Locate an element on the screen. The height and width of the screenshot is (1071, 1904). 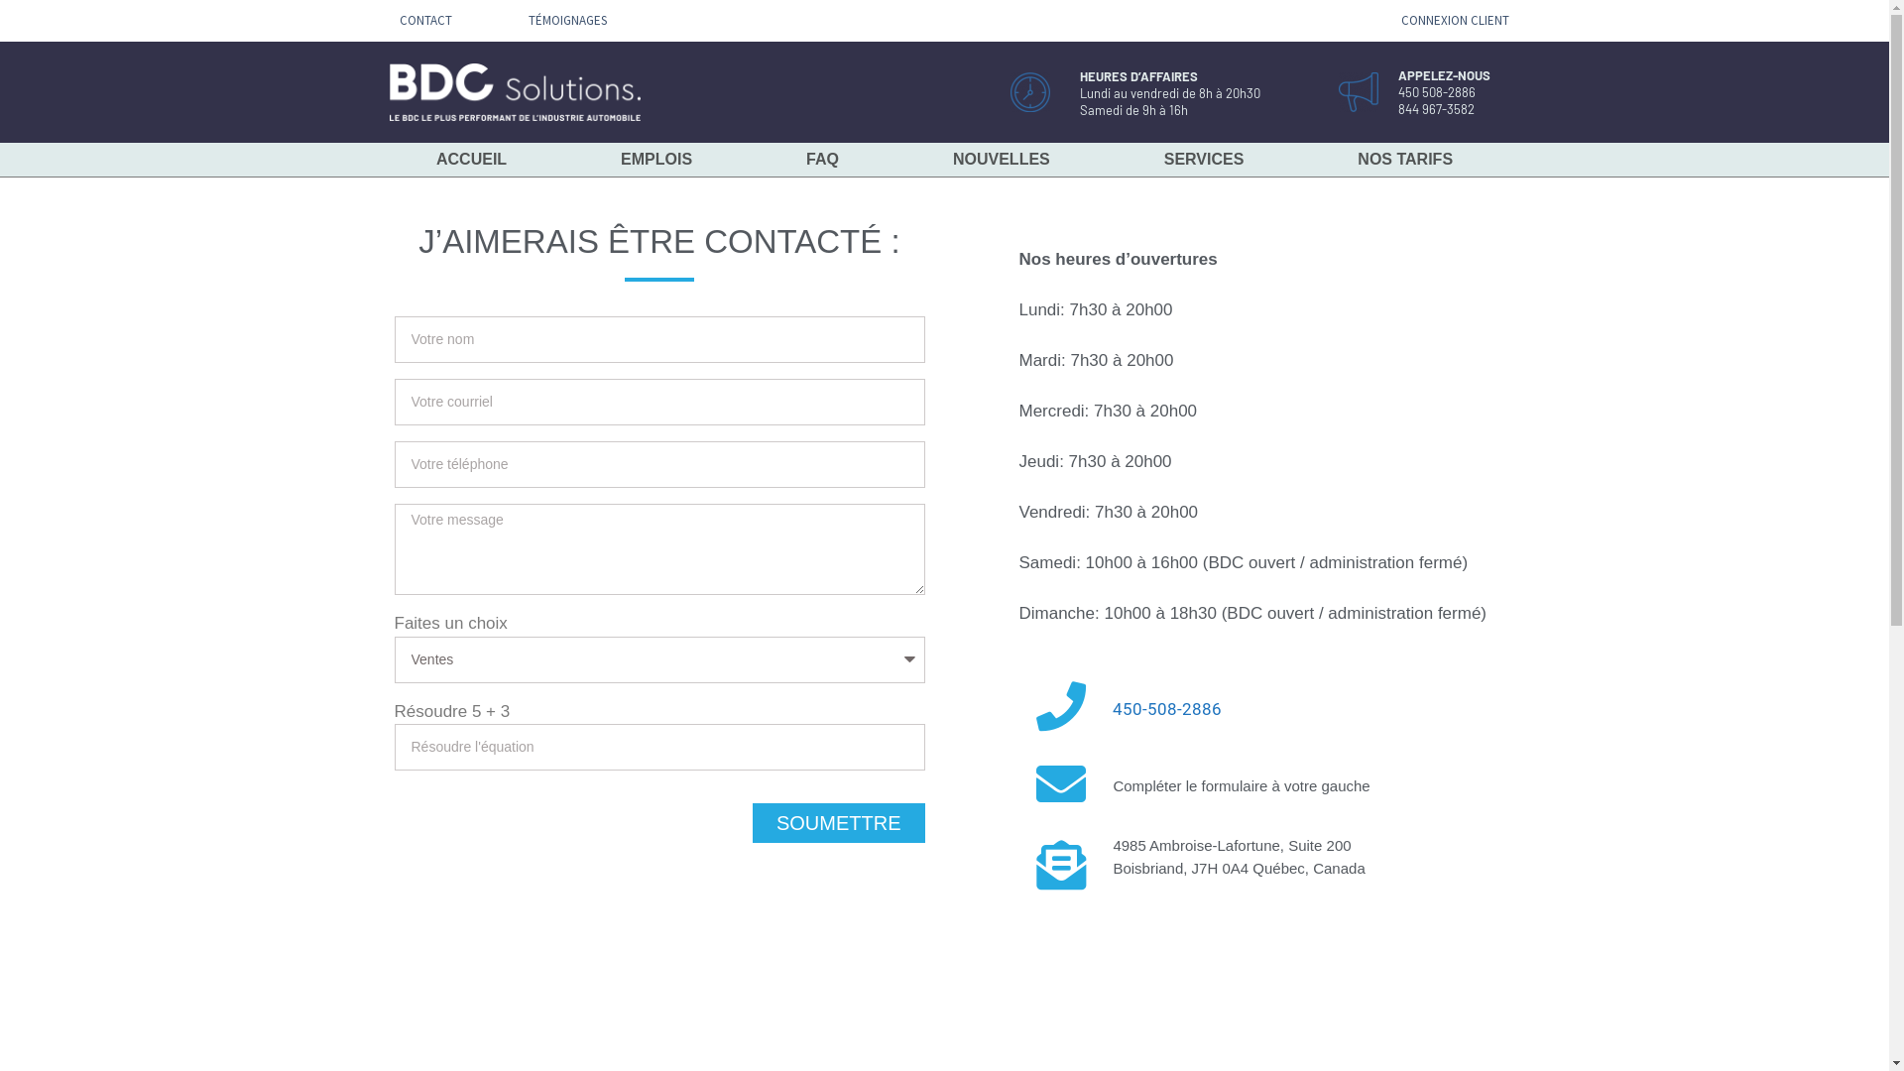
'CONNEXION CLIENT' is located at coordinates (1455, 20).